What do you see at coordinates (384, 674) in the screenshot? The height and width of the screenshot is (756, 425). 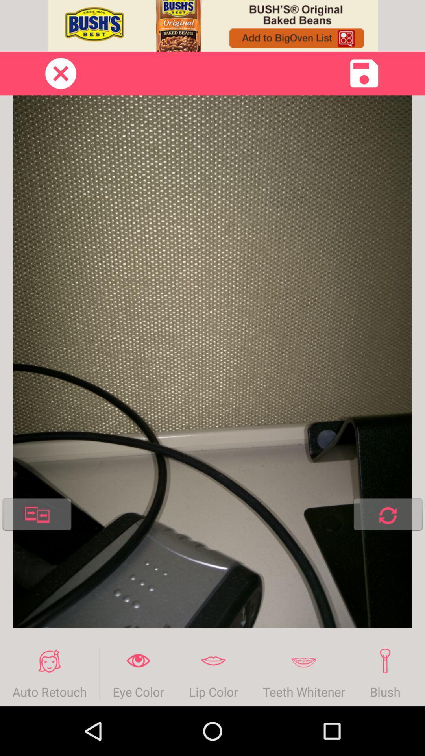 I see `item next to teeth whitener icon` at bounding box center [384, 674].